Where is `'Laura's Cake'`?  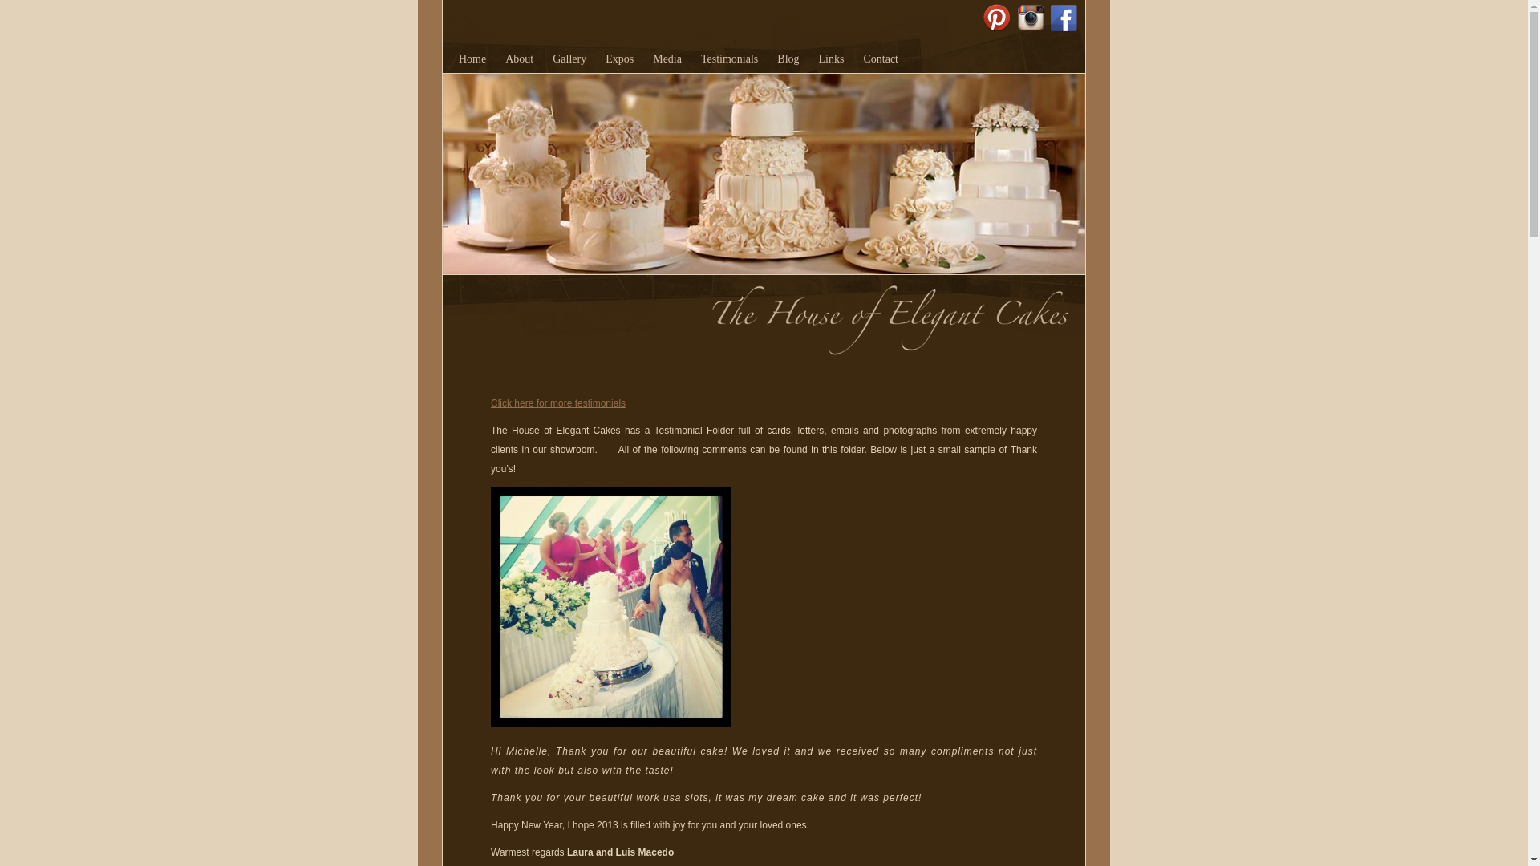 'Laura's Cake' is located at coordinates (610, 606).